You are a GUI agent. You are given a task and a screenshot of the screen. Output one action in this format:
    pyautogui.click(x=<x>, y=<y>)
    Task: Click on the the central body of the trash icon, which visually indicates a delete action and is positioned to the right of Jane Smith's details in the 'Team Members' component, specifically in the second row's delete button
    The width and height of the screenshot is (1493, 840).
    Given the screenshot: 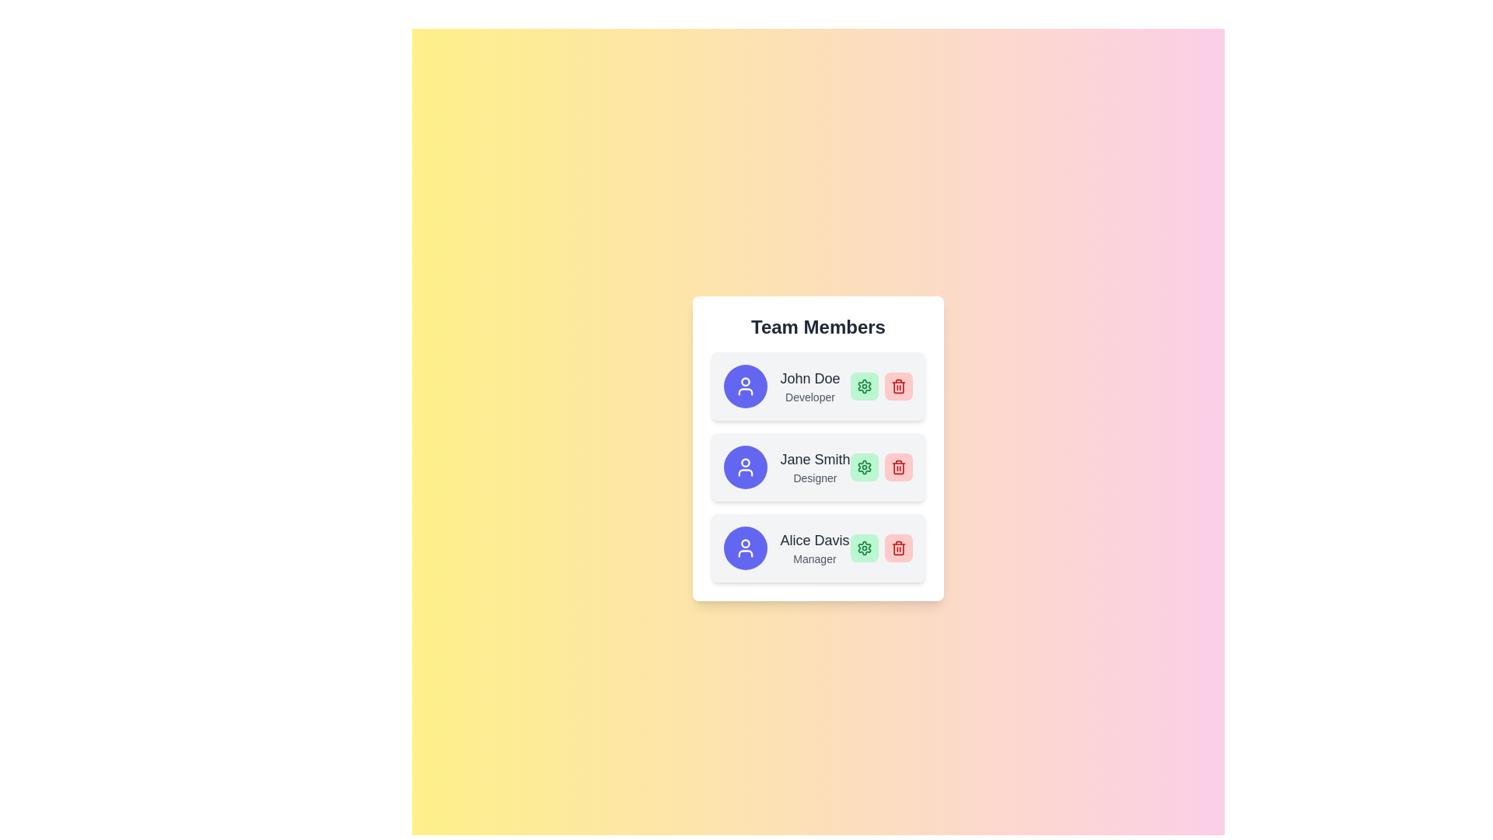 What is the action you would take?
    pyautogui.click(x=898, y=467)
    